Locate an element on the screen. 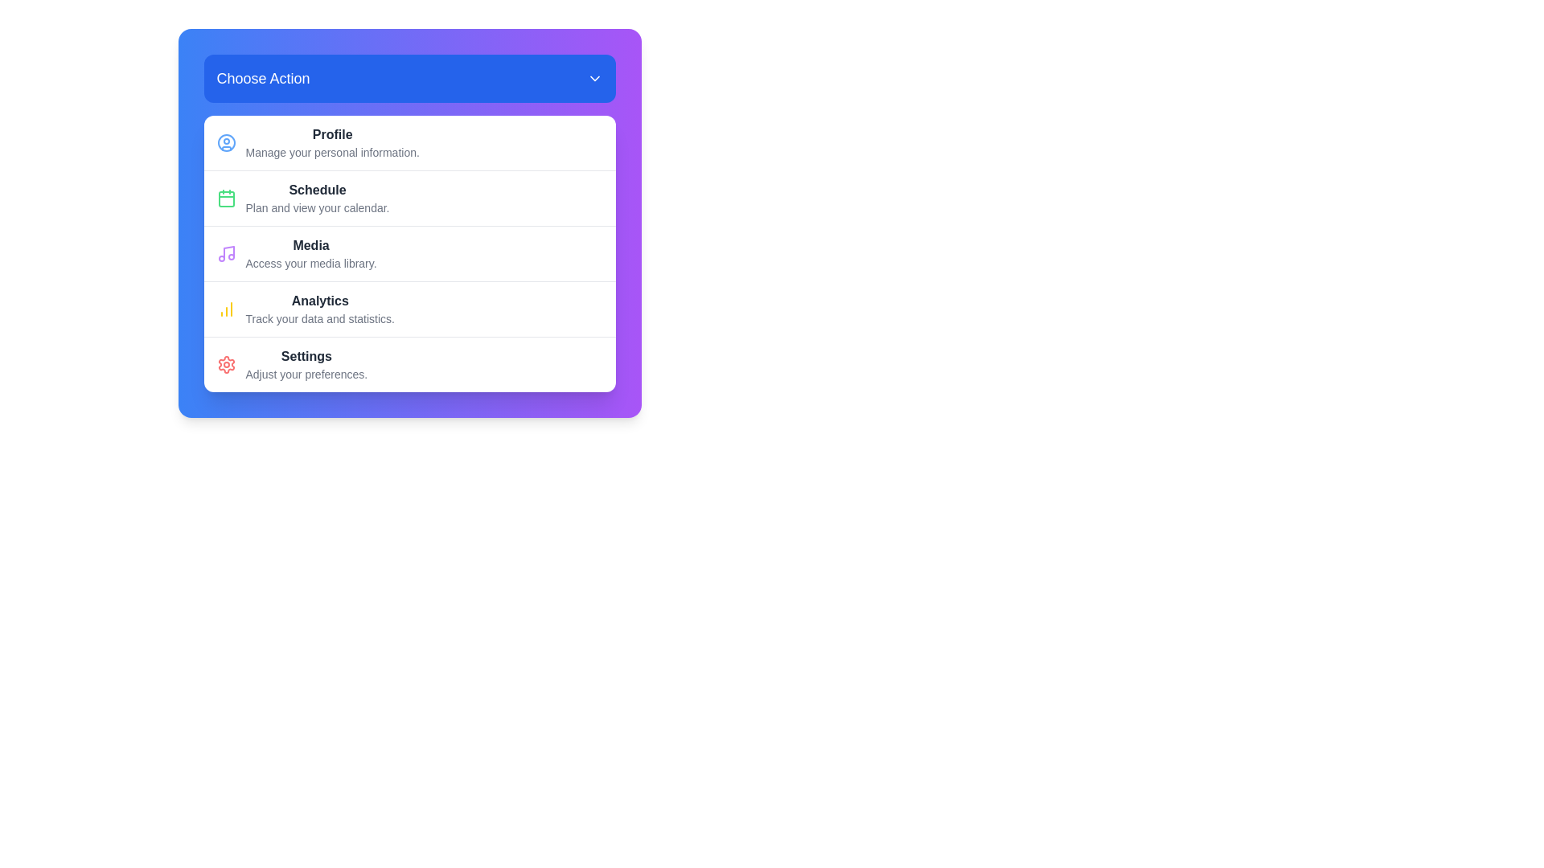 The image size is (1544, 868). the bold, dark-colored text label reading 'Media', which is prominently positioned above its descriptive text 'Access your media library' in the third option row of a vertically stacked list is located at coordinates (311, 245).